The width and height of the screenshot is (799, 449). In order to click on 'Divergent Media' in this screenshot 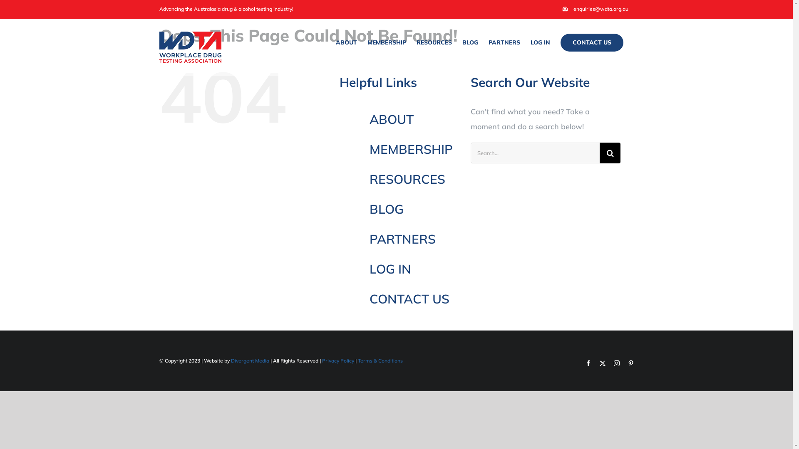, I will do `click(249, 360)`.